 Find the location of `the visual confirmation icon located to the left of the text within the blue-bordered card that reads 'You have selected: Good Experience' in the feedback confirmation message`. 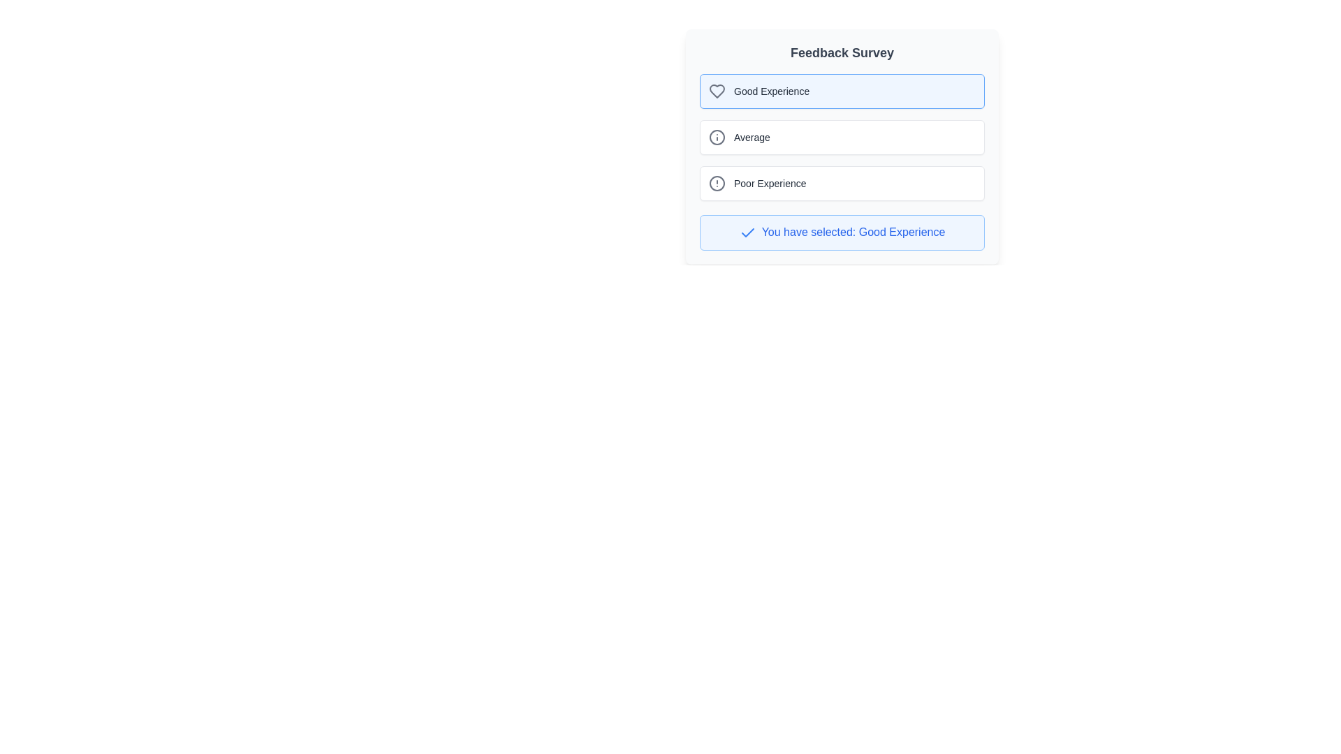

the visual confirmation icon located to the left of the text within the blue-bordered card that reads 'You have selected: Good Experience' in the feedback confirmation message is located at coordinates (747, 232).